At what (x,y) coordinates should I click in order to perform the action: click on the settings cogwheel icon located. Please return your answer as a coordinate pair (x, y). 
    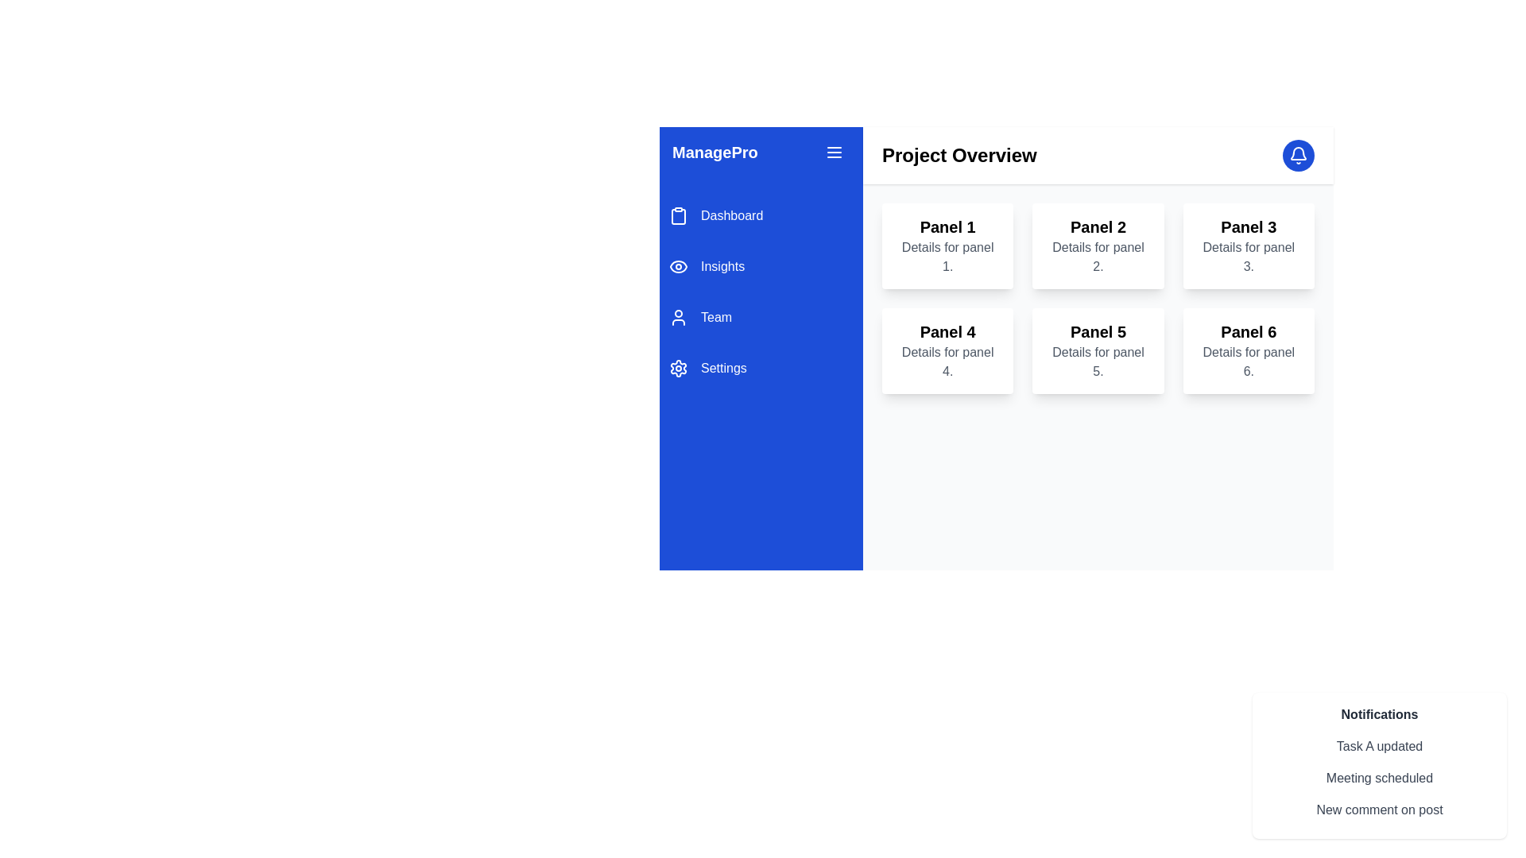
    Looking at the image, I should click on (679, 368).